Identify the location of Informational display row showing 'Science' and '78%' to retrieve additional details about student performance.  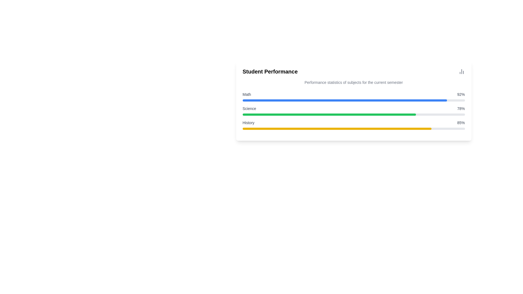
(354, 108).